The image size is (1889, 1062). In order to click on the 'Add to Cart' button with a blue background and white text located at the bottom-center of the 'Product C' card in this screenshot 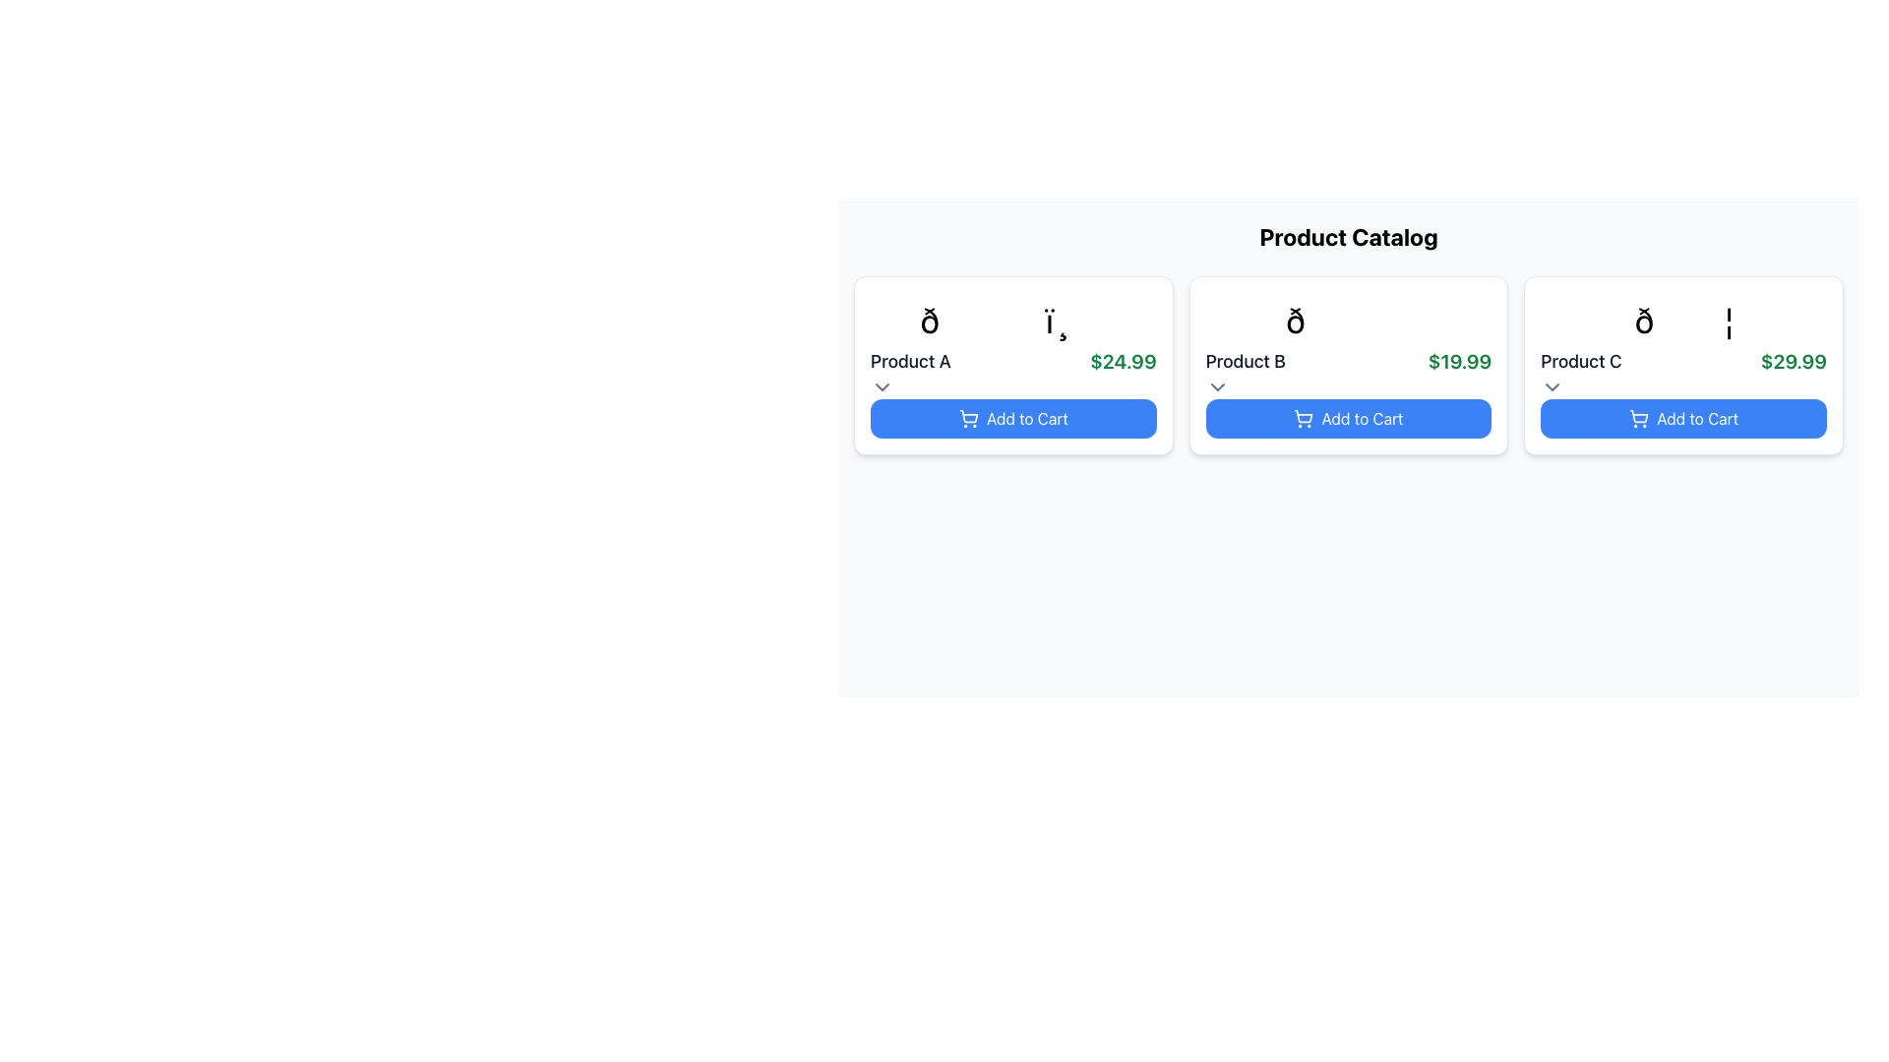, I will do `click(1682, 417)`.